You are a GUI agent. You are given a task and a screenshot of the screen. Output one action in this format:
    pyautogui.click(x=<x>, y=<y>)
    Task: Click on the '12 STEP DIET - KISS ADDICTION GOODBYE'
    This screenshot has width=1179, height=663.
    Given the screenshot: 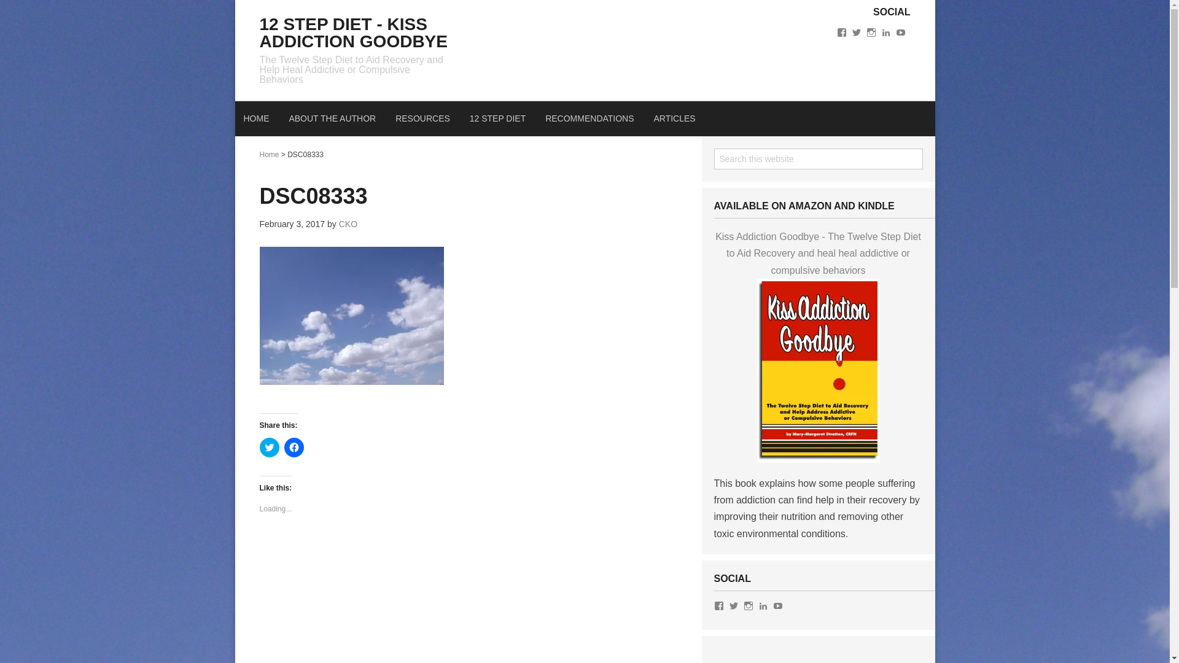 What is the action you would take?
    pyautogui.click(x=352, y=32)
    